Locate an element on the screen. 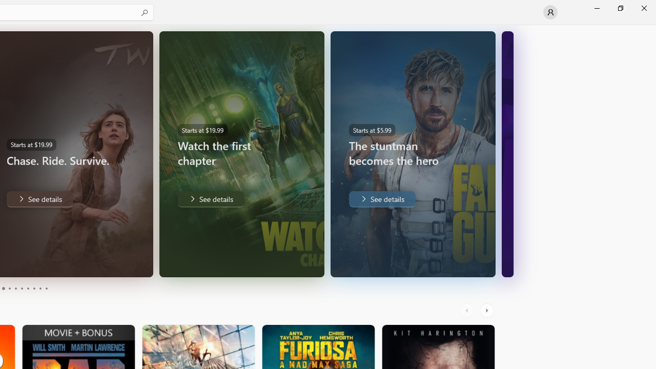  'Page 6' is located at coordinates (22, 289).